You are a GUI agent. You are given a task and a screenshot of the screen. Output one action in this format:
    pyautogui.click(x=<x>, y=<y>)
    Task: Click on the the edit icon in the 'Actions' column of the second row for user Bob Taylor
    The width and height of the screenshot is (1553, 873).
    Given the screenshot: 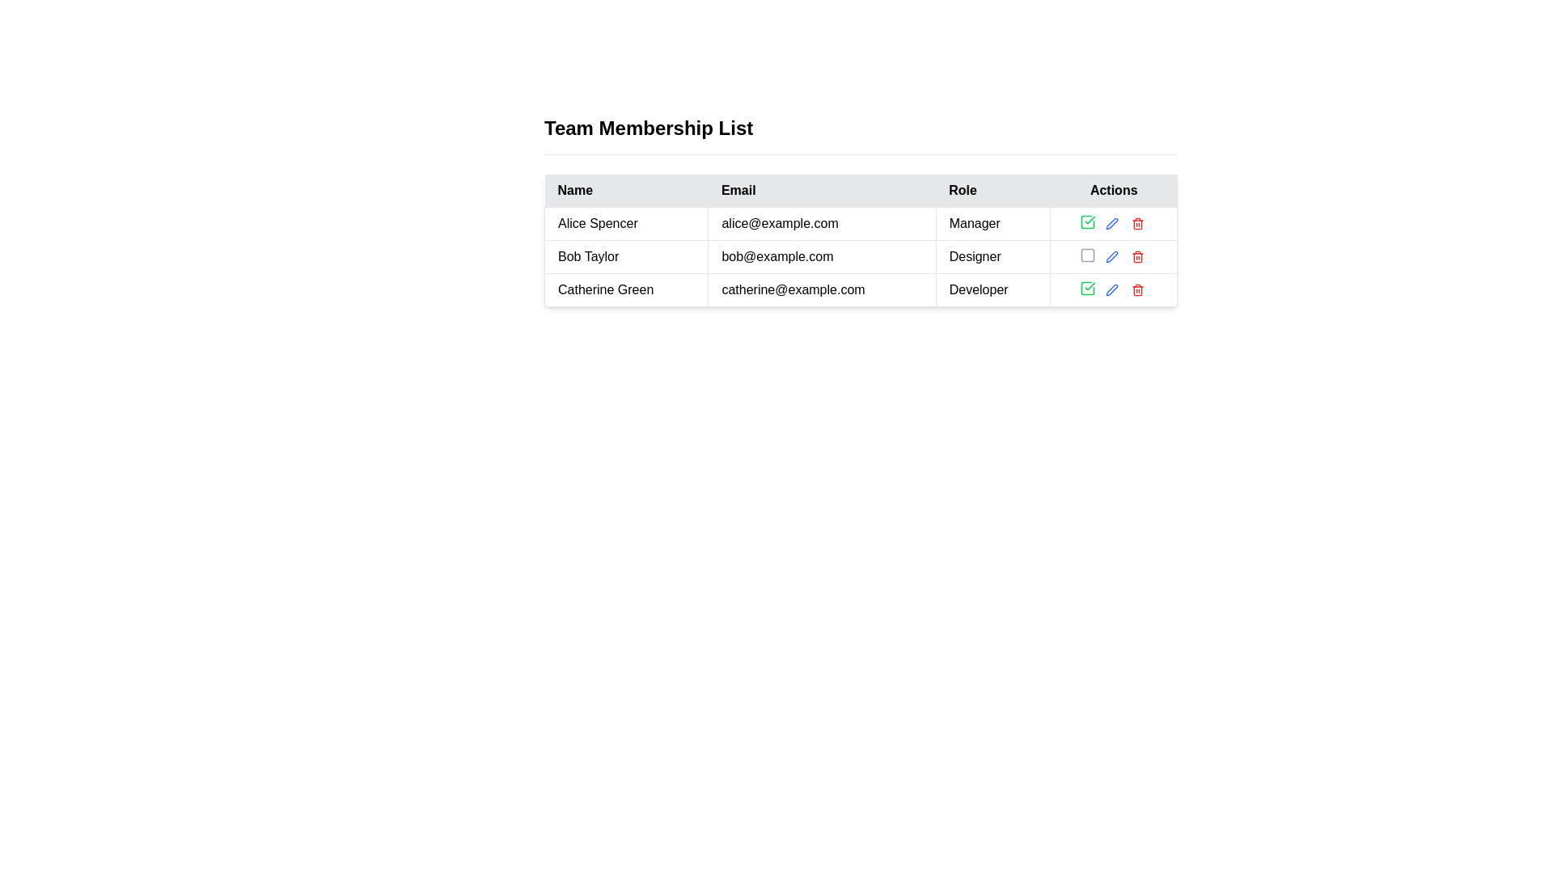 What is the action you would take?
    pyautogui.click(x=1111, y=255)
    